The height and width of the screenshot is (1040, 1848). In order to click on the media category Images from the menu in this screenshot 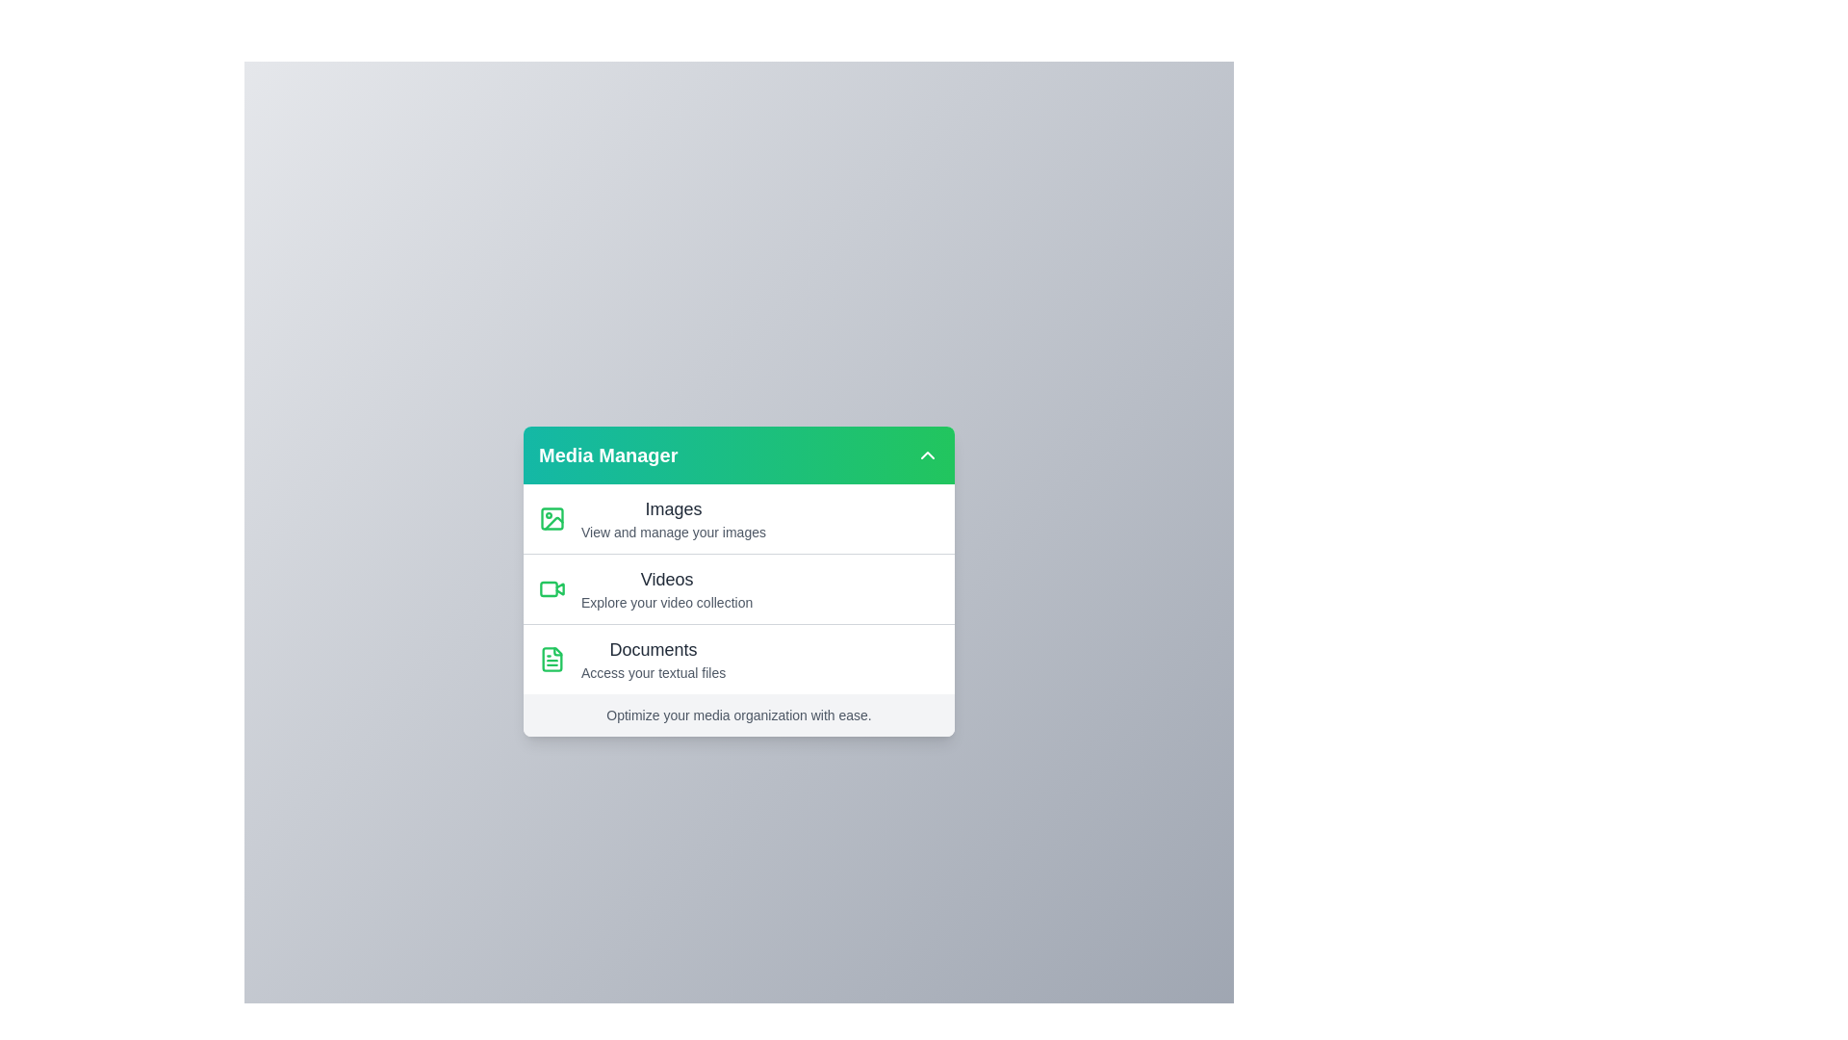, I will do `click(738, 518)`.